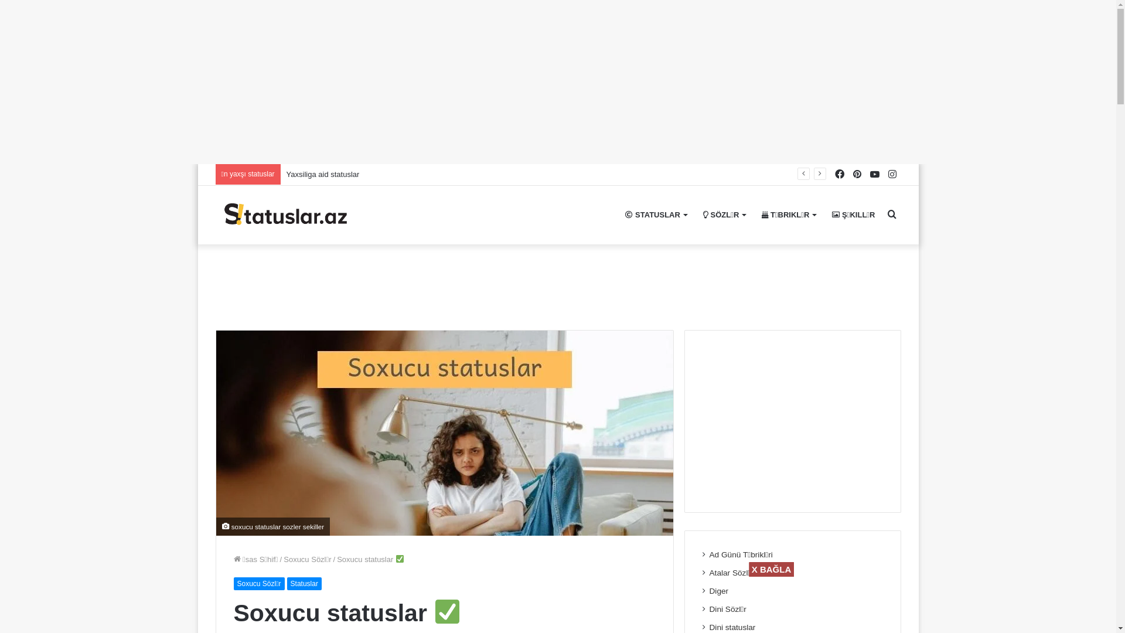  Describe the element at coordinates (718, 591) in the screenshot. I see `'Diger'` at that location.